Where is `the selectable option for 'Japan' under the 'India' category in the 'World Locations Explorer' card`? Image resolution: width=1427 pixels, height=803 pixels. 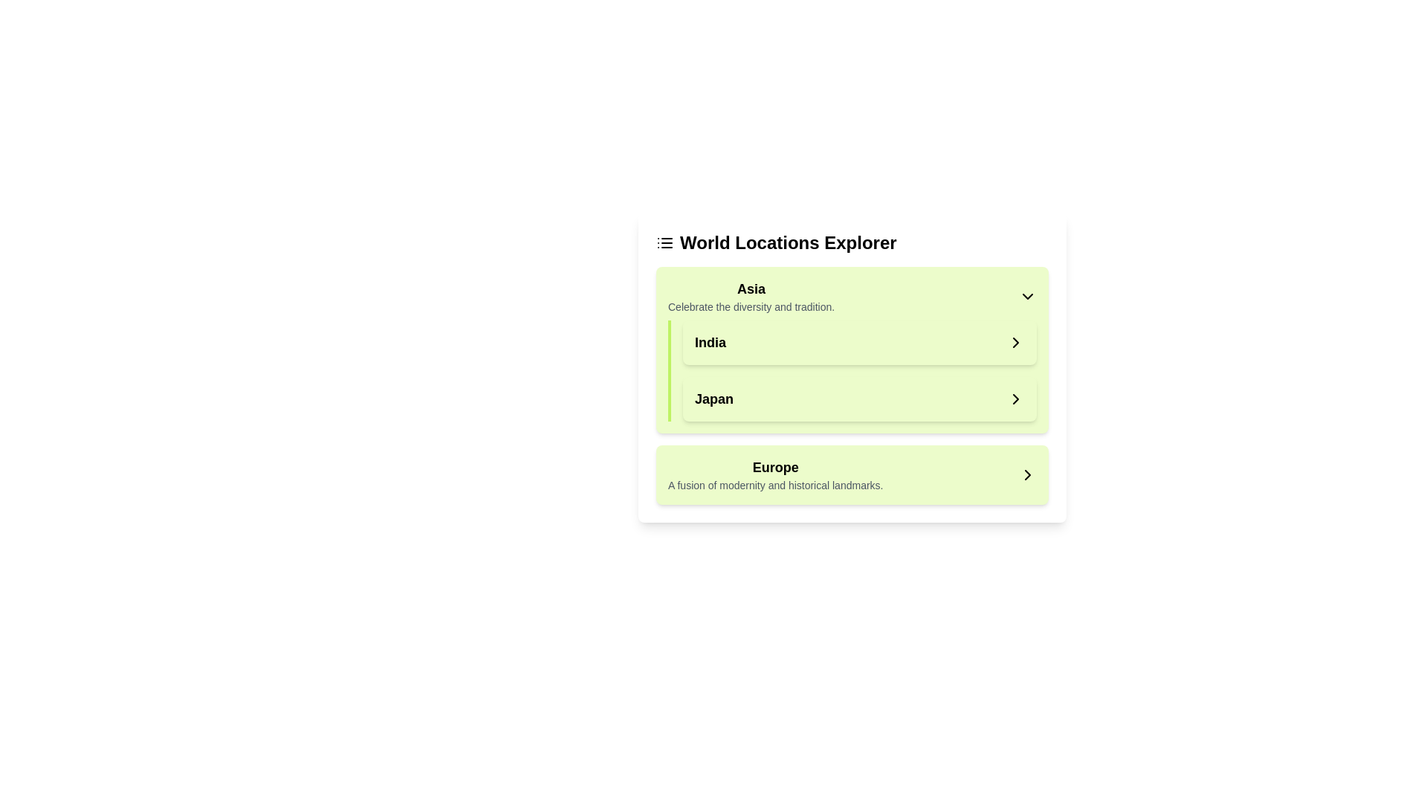 the selectable option for 'Japan' under the 'India' category in the 'World Locations Explorer' card is located at coordinates (859, 398).